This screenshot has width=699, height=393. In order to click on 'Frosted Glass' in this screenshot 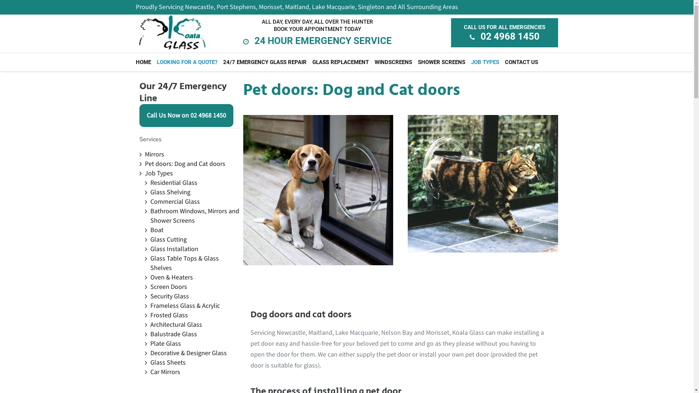, I will do `click(168, 315)`.